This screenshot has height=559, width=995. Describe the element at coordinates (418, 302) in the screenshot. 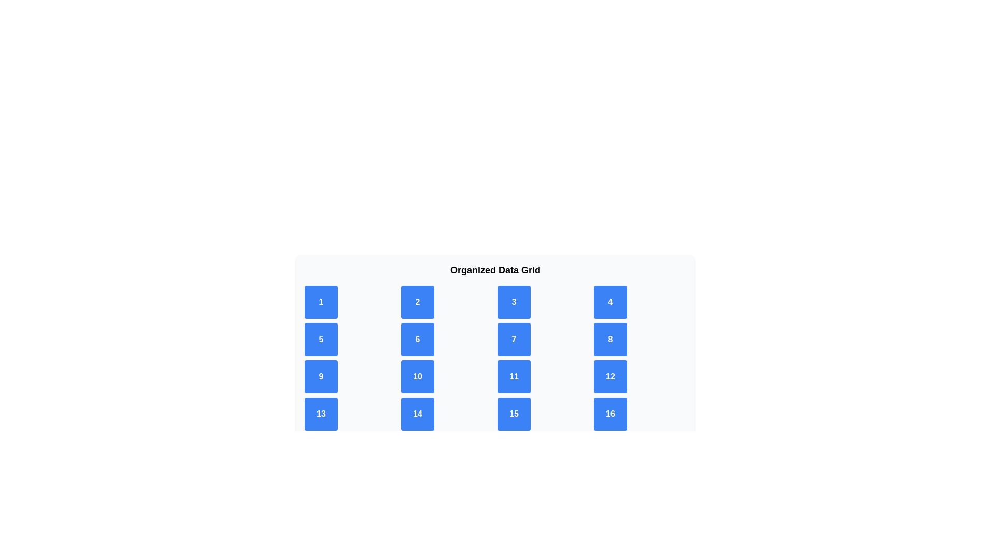

I see `the Number tile` at that location.